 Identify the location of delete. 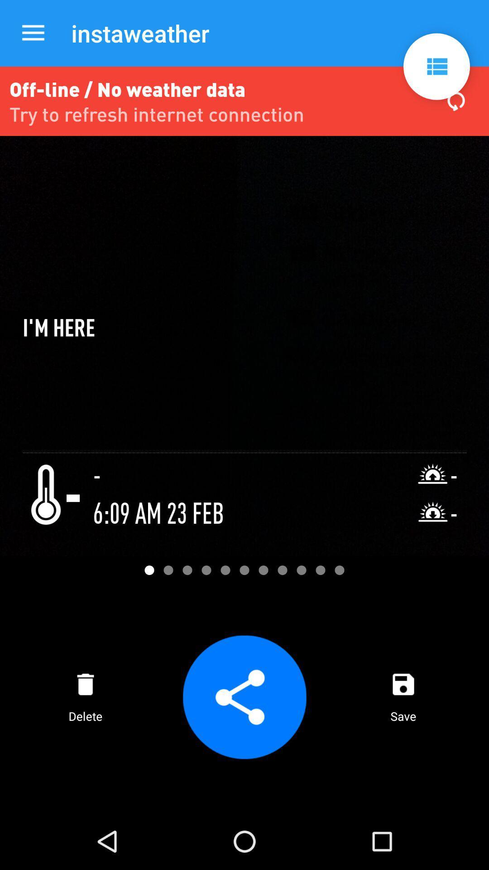
(86, 696).